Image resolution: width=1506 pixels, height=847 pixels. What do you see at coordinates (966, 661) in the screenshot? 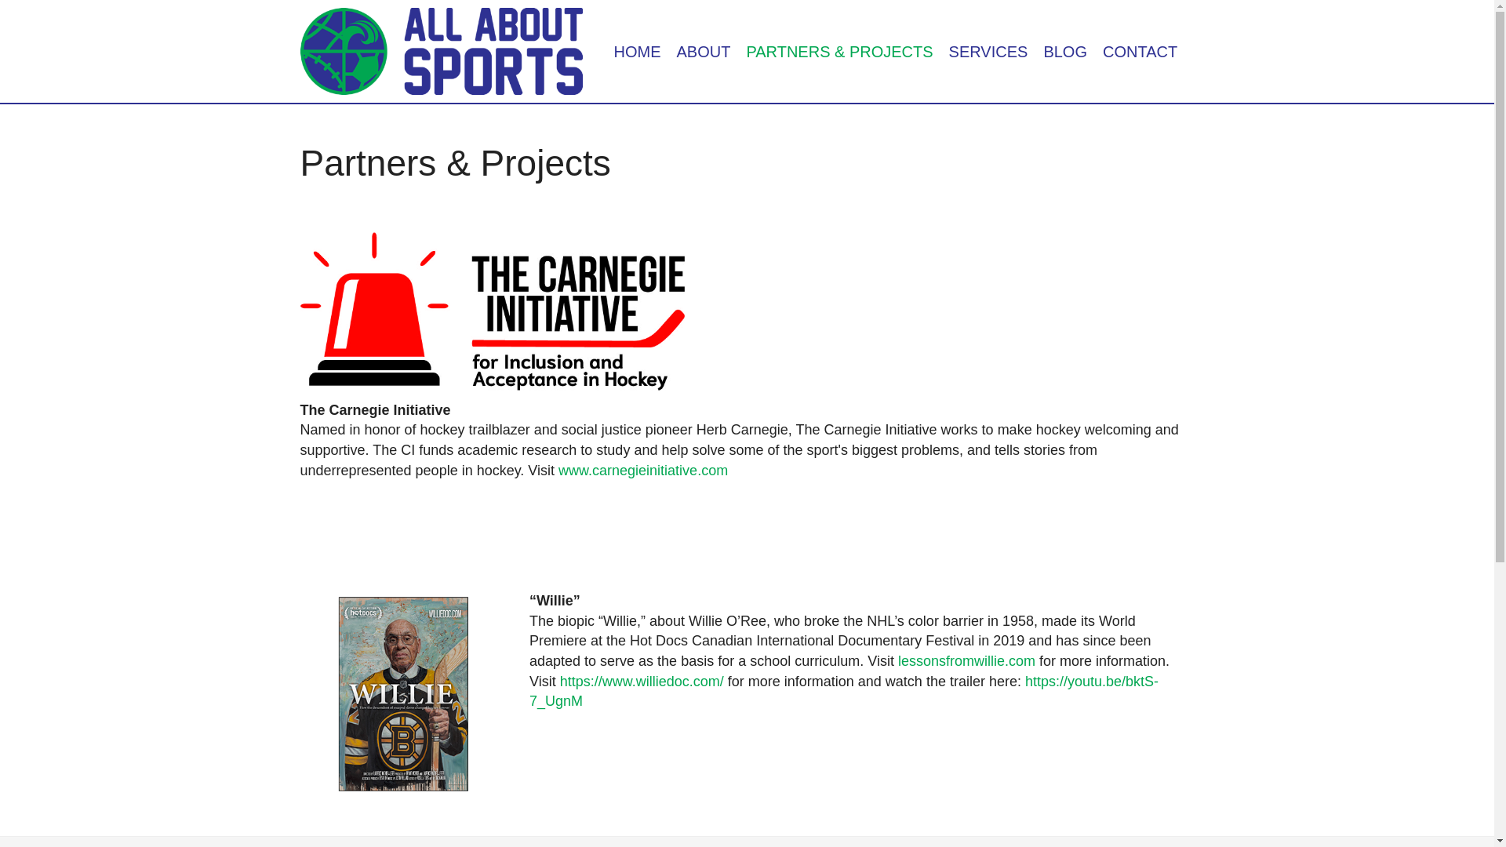
I see `'lessonsfromwillie.com'` at bounding box center [966, 661].